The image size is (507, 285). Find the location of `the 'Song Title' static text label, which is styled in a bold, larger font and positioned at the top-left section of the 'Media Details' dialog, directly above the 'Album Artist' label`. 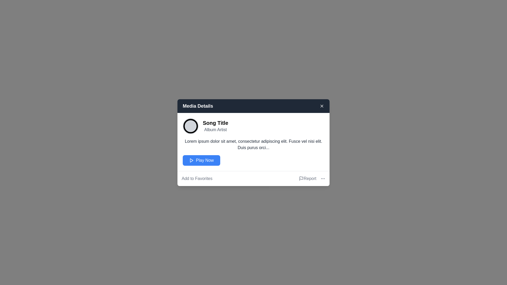

the 'Song Title' static text label, which is styled in a bold, larger font and positioned at the top-left section of the 'Media Details' dialog, directly above the 'Album Artist' label is located at coordinates (215, 123).